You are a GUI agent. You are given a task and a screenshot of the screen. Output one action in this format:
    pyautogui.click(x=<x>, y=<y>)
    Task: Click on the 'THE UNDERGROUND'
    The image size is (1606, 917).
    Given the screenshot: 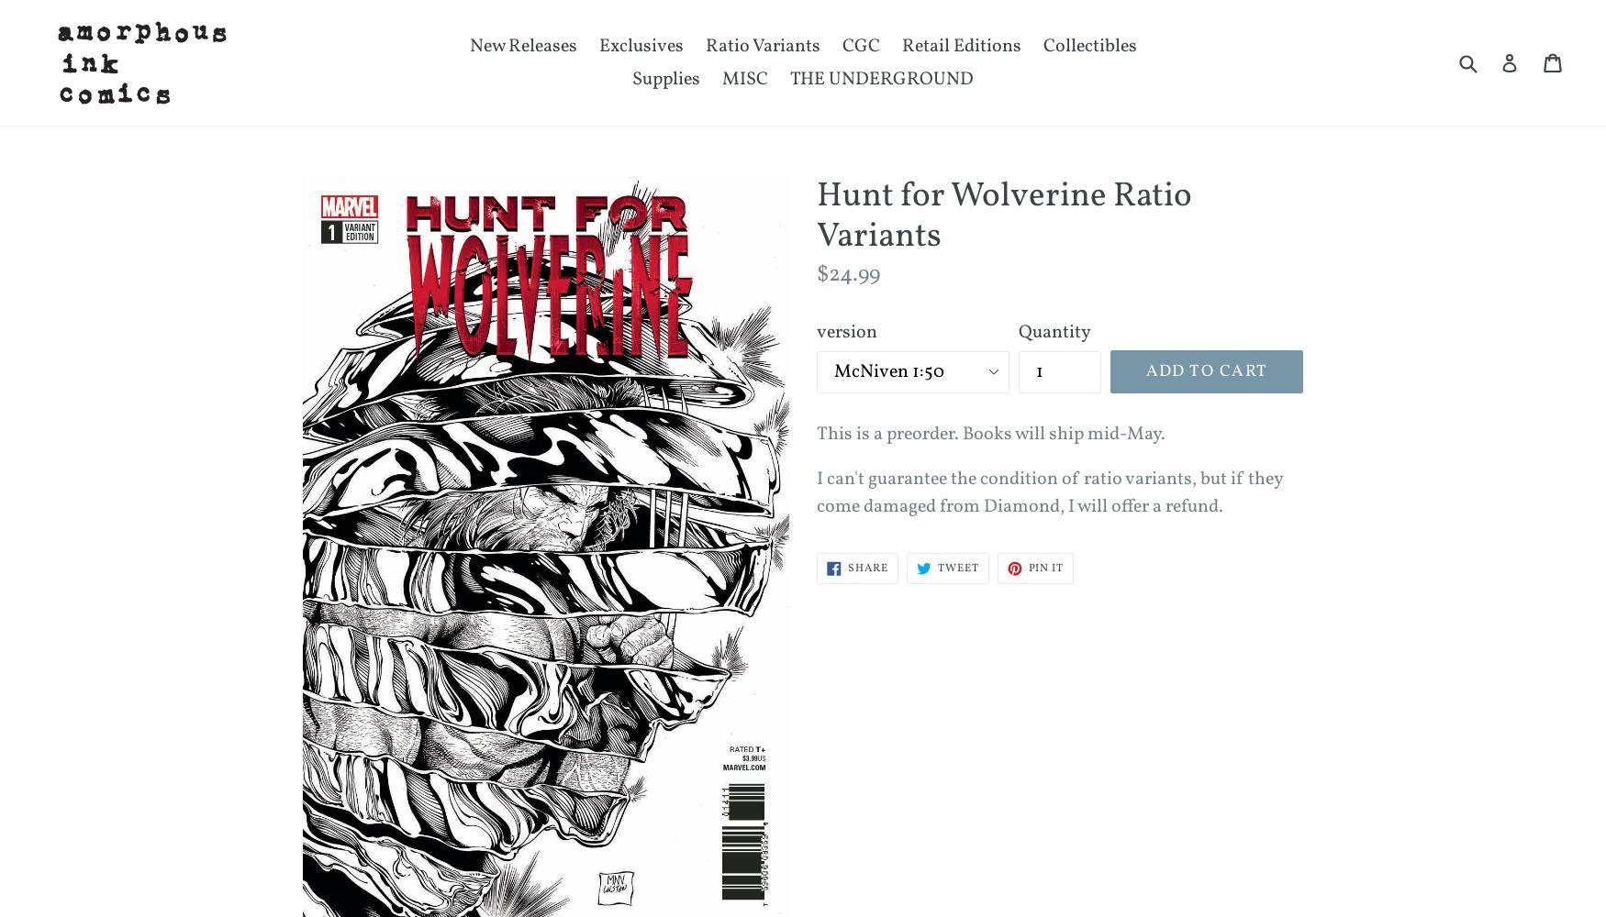 What is the action you would take?
    pyautogui.click(x=881, y=78)
    